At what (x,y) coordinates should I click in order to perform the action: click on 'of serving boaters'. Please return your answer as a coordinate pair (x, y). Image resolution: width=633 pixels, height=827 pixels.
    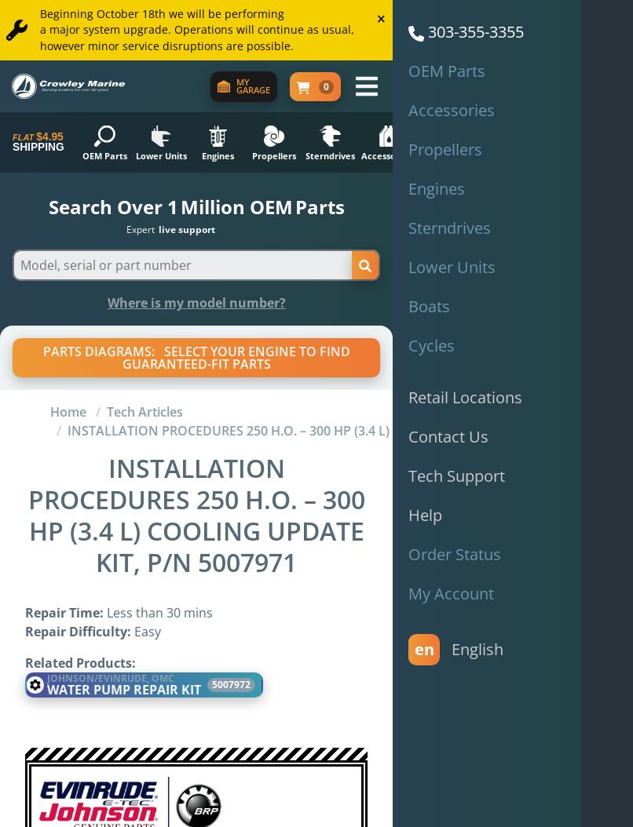
    Looking at the image, I should click on (562, 228).